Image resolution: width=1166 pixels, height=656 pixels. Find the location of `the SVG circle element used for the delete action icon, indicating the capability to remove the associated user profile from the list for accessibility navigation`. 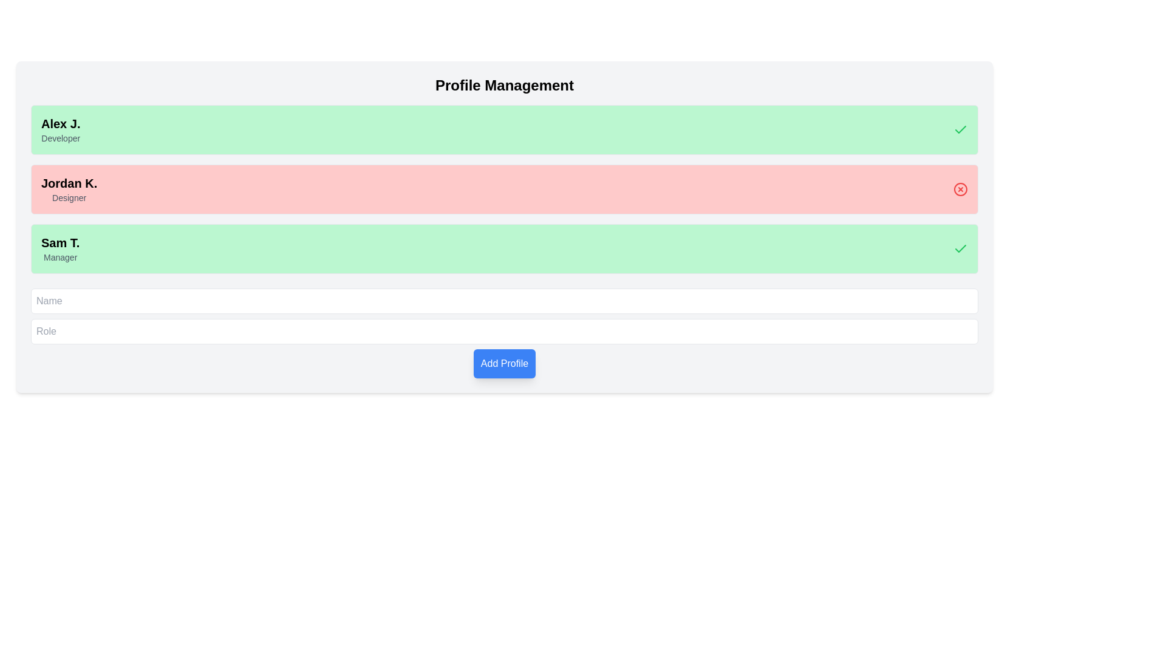

the SVG circle element used for the delete action icon, indicating the capability to remove the associated user profile from the list for accessibility navigation is located at coordinates (960, 190).